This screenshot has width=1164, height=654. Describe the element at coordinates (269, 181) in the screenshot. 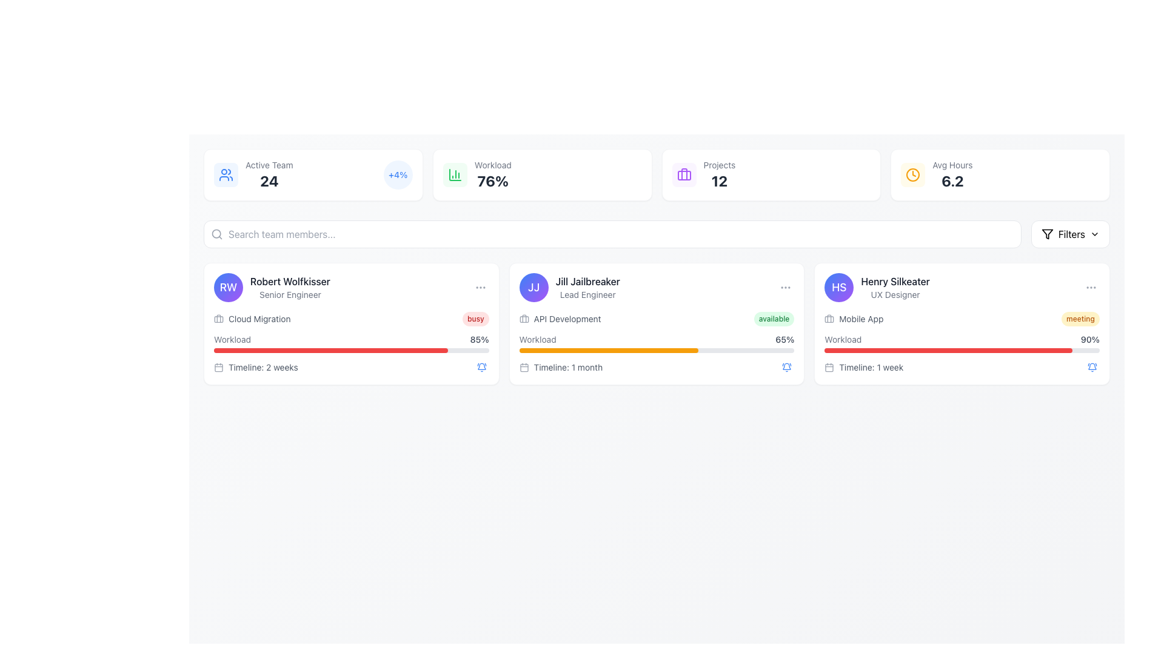

I see `the static text label displaying the bold number '24' located below the 'Active Team' label in the dashboard interface` at that location.